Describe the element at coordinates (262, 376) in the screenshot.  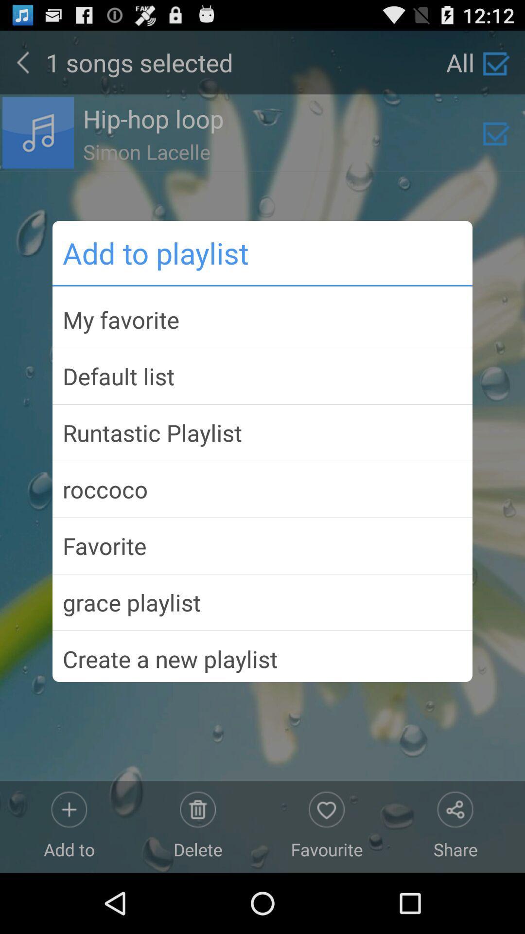
I see `the icon below the my favorite icon` at that location.